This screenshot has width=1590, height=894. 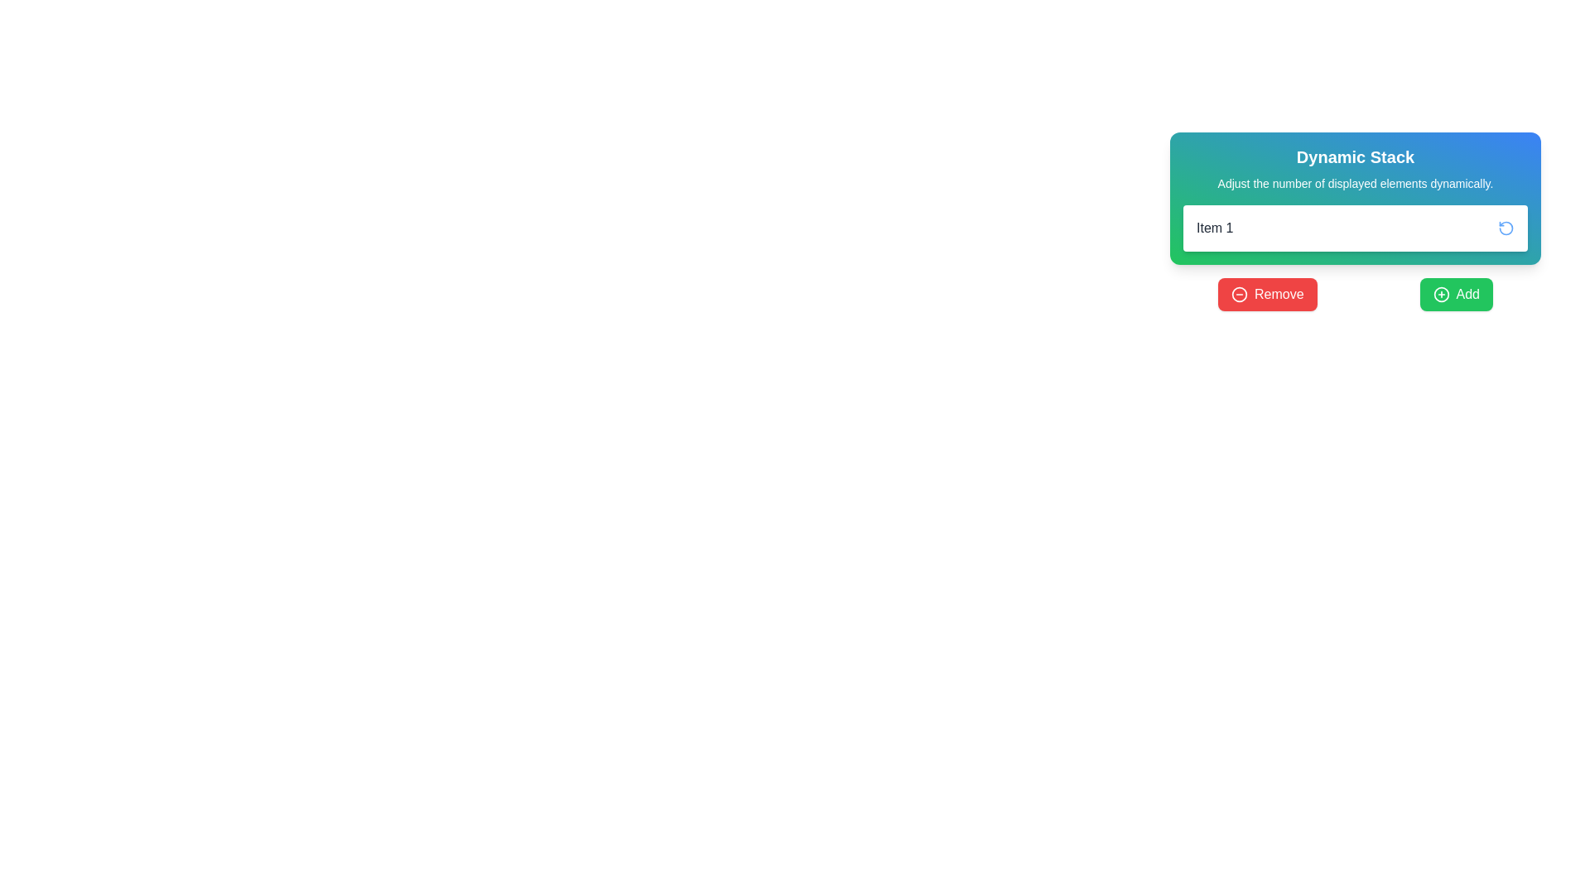 What do you see at coordinates (1439, 293) in the screenshot?
I see `the icon component of the green 'Add' button located at the lower-right side of the interface` at bounding box center [1439, 293].